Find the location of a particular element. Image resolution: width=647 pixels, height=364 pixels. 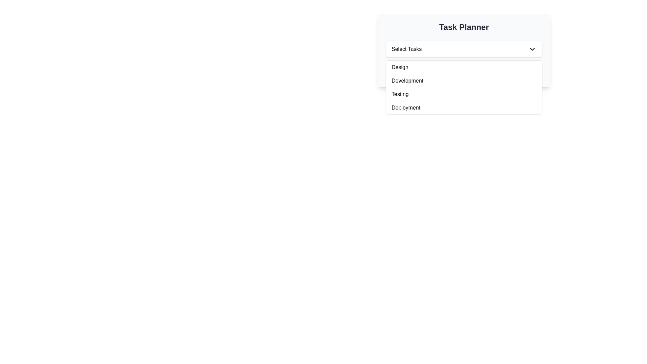

the option labeled 'Testing' within the dropdown menu, which is the third item in the list used for selecting a task is located at coordinates (464, 94).